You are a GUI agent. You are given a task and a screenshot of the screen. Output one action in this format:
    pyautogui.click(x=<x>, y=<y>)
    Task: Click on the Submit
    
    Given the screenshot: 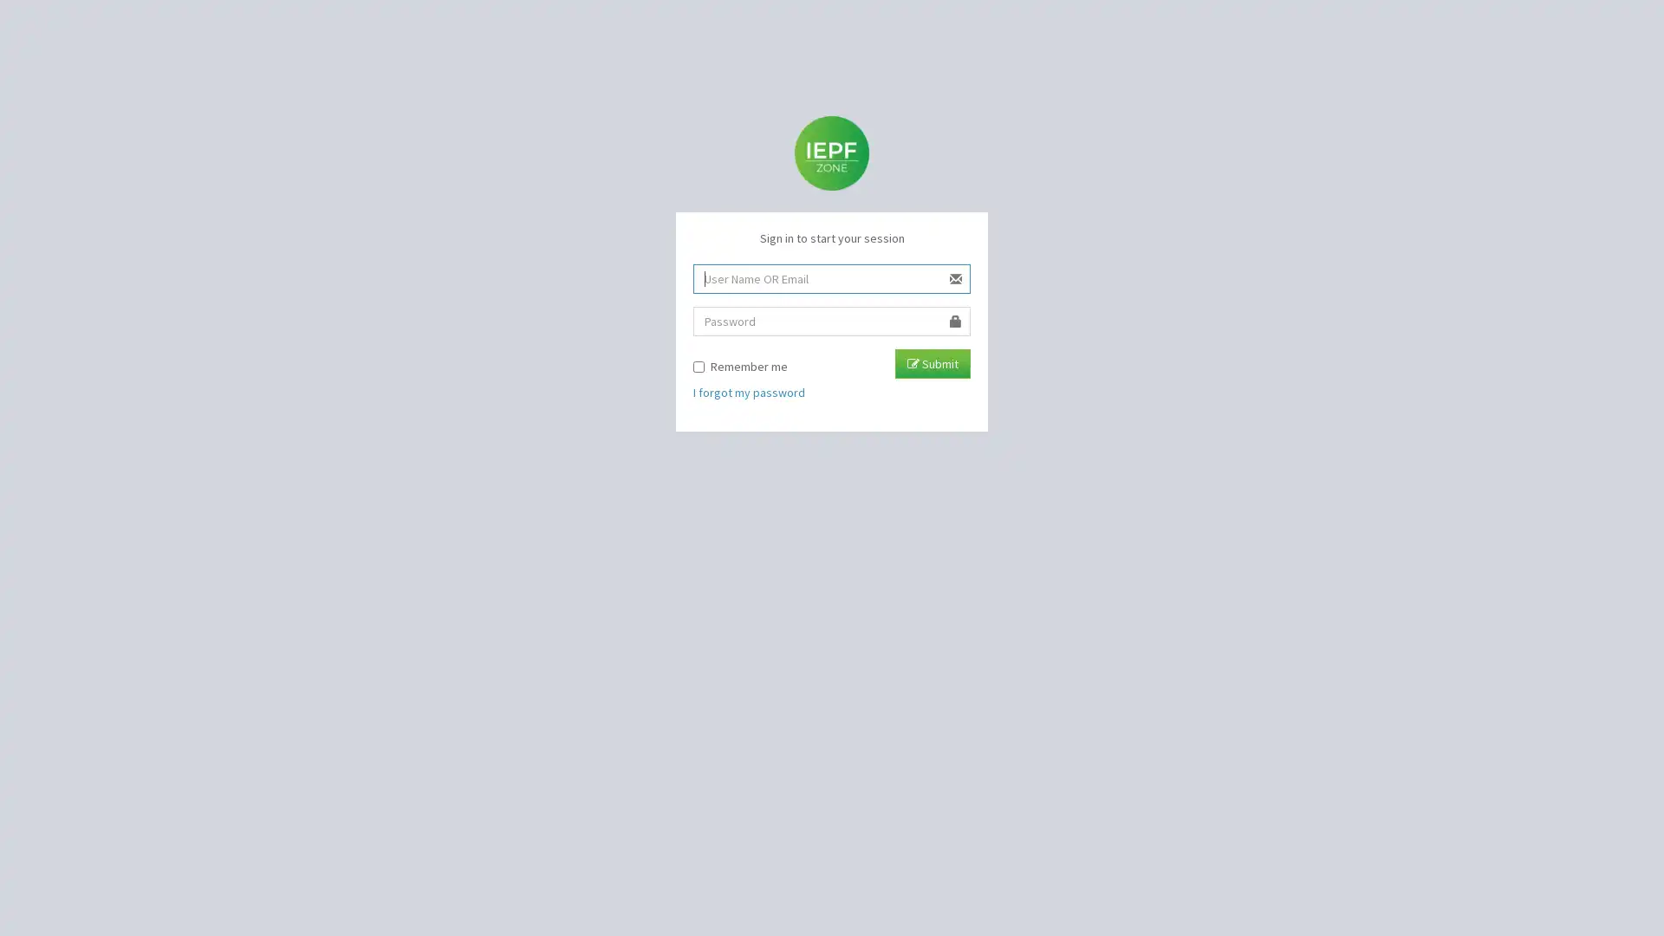 What is the action you would take?
    pyautogui.click(x=931, y=363)
    